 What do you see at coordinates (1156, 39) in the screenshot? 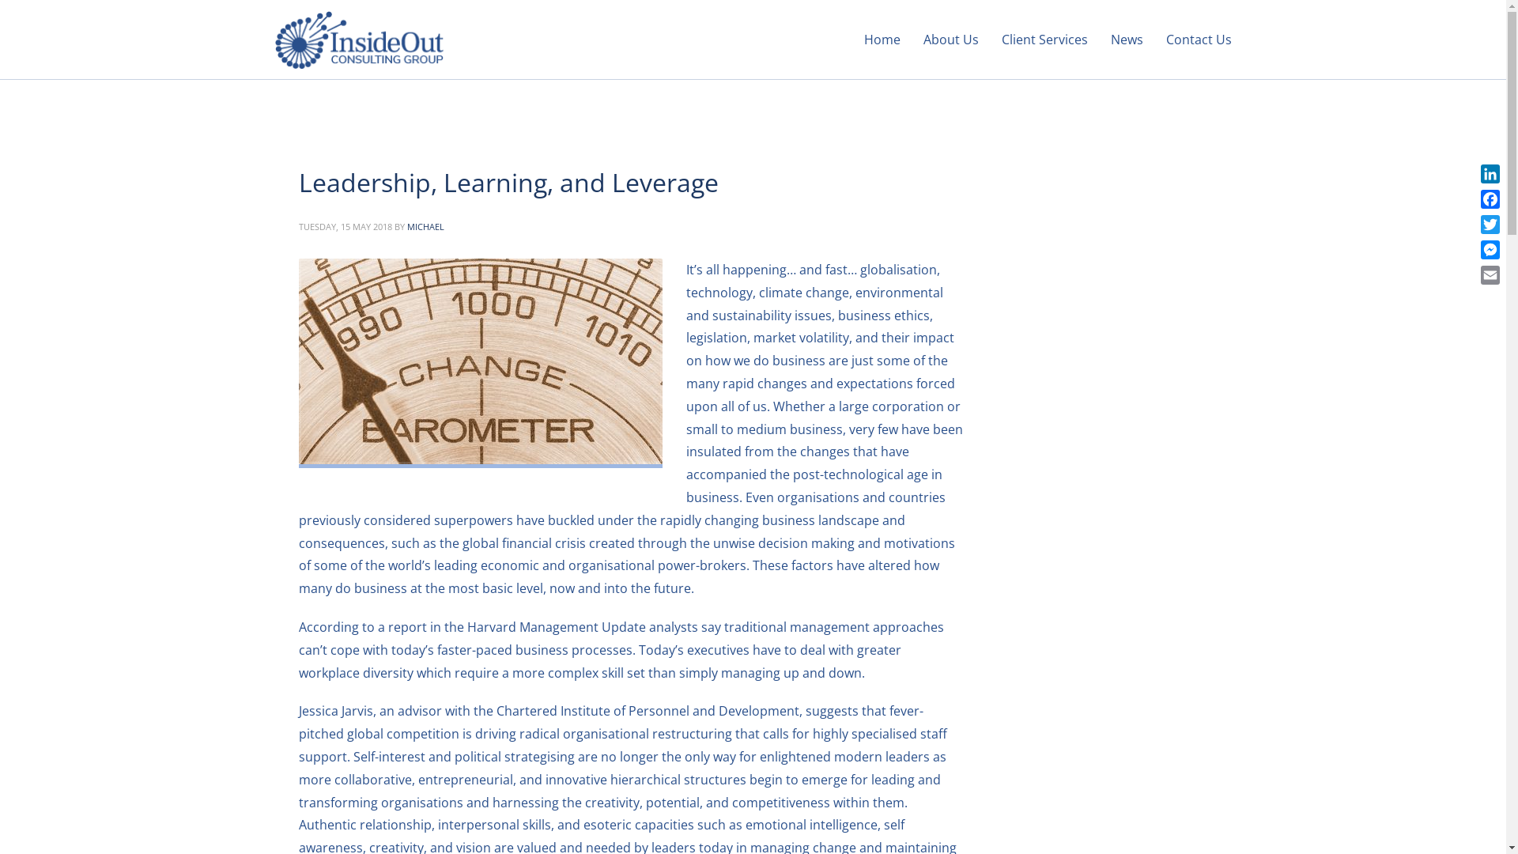
I see `'Contact Us'` at bounding box center [1156, 39].